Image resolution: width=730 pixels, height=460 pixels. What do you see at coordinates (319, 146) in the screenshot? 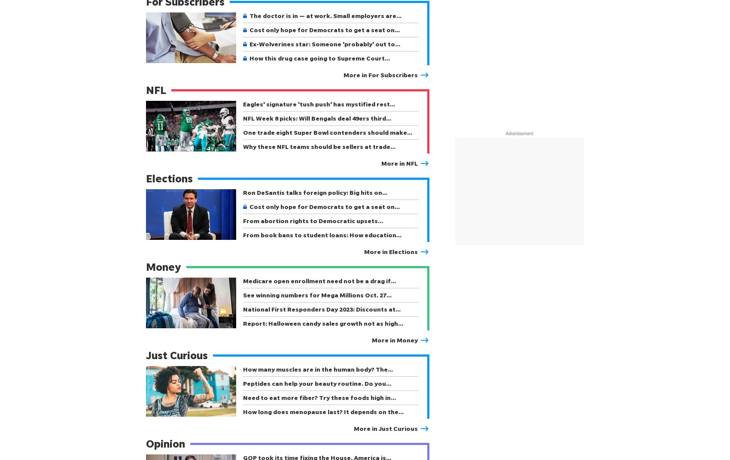
I see `'Why these NFL teams should be sellers at trade…'` at bounding box center [319, 146].